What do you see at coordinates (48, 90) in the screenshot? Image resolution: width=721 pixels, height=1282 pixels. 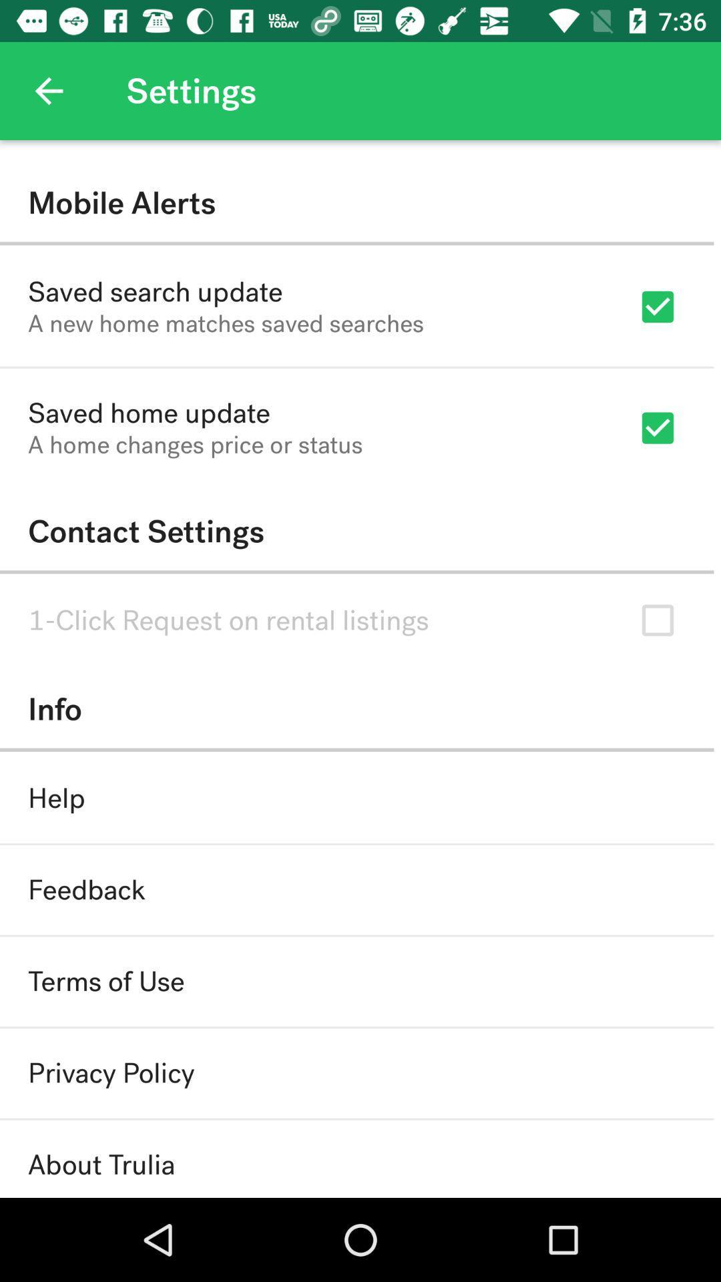 I see `the icon next to the settings item` at bounding box center [48, 90].